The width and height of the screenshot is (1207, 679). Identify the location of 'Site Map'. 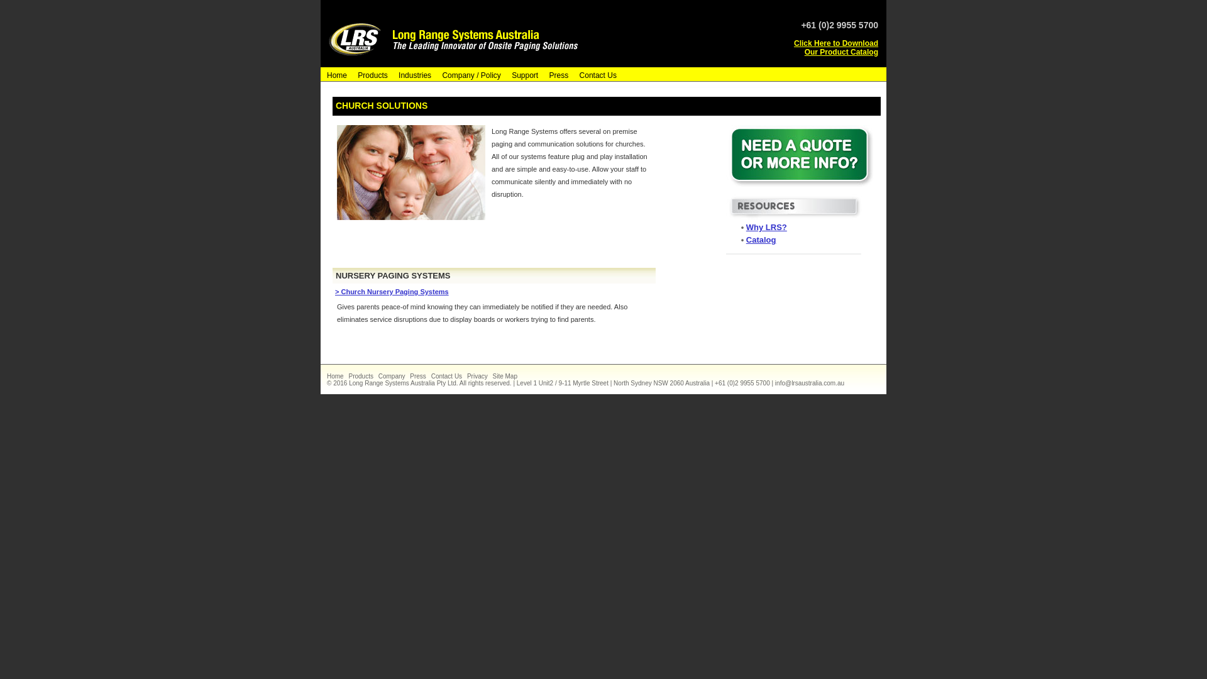
(506, 375).